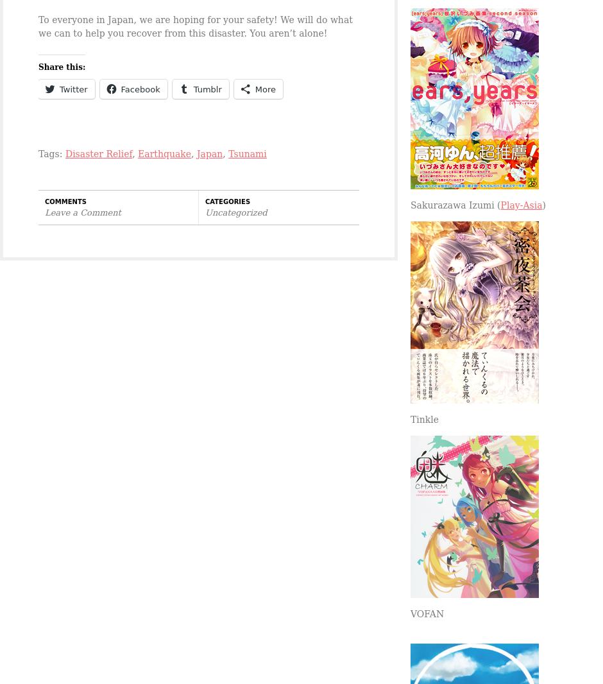 The width and height of the screenshot is (603, 684). What do you see at coordinates (500, 205) in the screenshot?
I see `'Play-Asia'` at bounding box center [500, 205].